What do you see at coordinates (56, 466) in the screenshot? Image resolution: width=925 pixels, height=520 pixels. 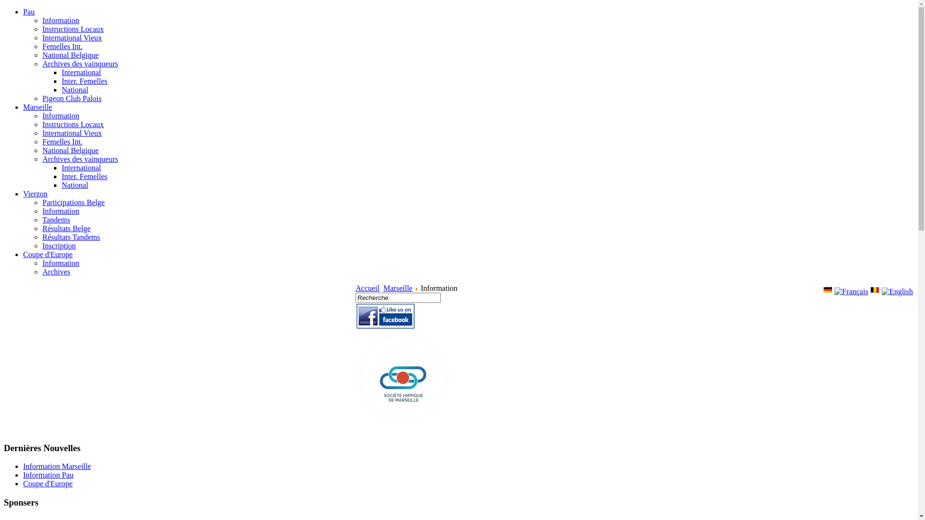 I see `'Information Marseille'` at bounding box center [56, 466].